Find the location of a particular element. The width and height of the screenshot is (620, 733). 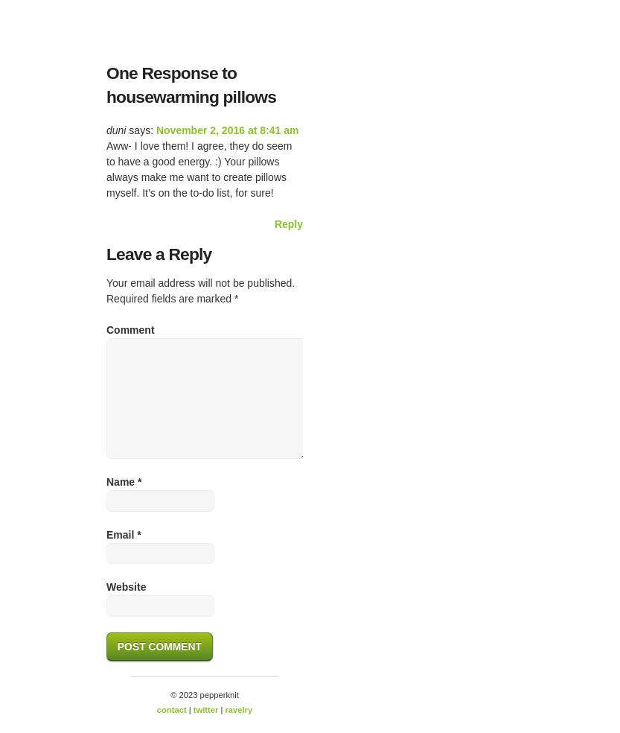

'Comment' is located at coordinates (106, 329).